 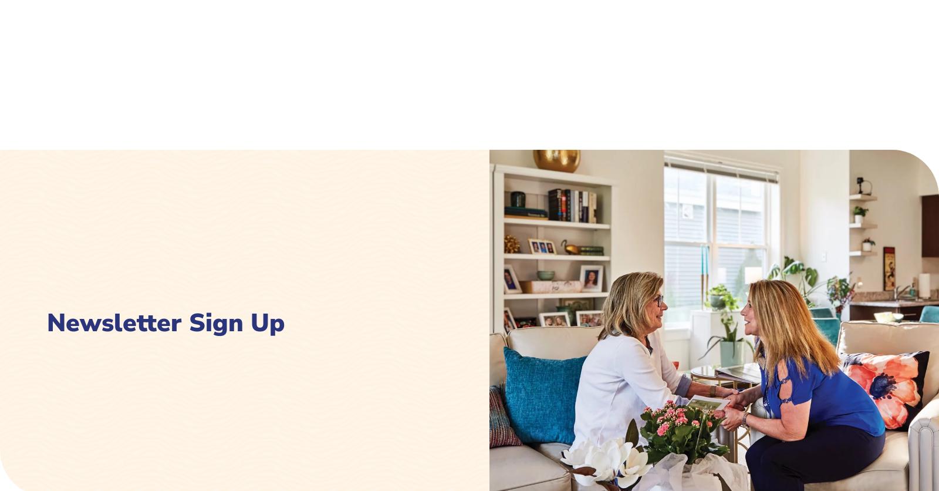 What do you see at coordinates (680, 236) in the screenshot?
I see `'Hospice Volunteer Contact Note'` at bounding box center [680, 236].